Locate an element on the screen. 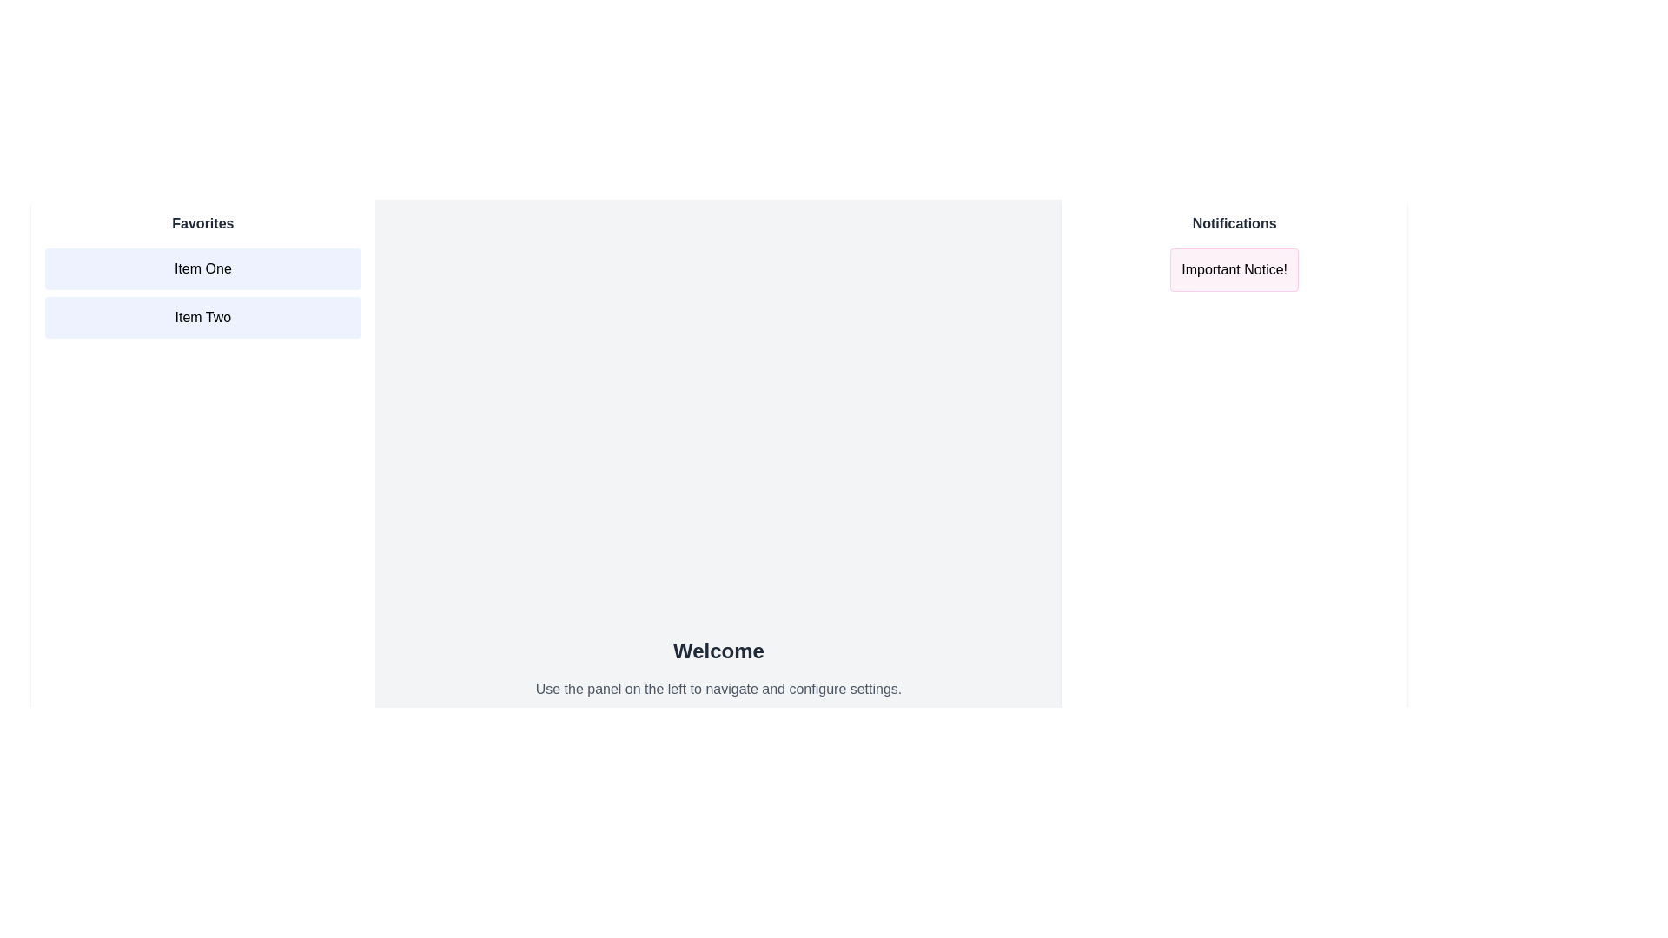 Image resolution: width=1668 pixels, height=938 pixels. the Notification Box that displays the message 'Important Notice!' located in the white sidebar on the right side of the interface, directly below the 'Notifications' text element is located at coordinates (1234, 270).